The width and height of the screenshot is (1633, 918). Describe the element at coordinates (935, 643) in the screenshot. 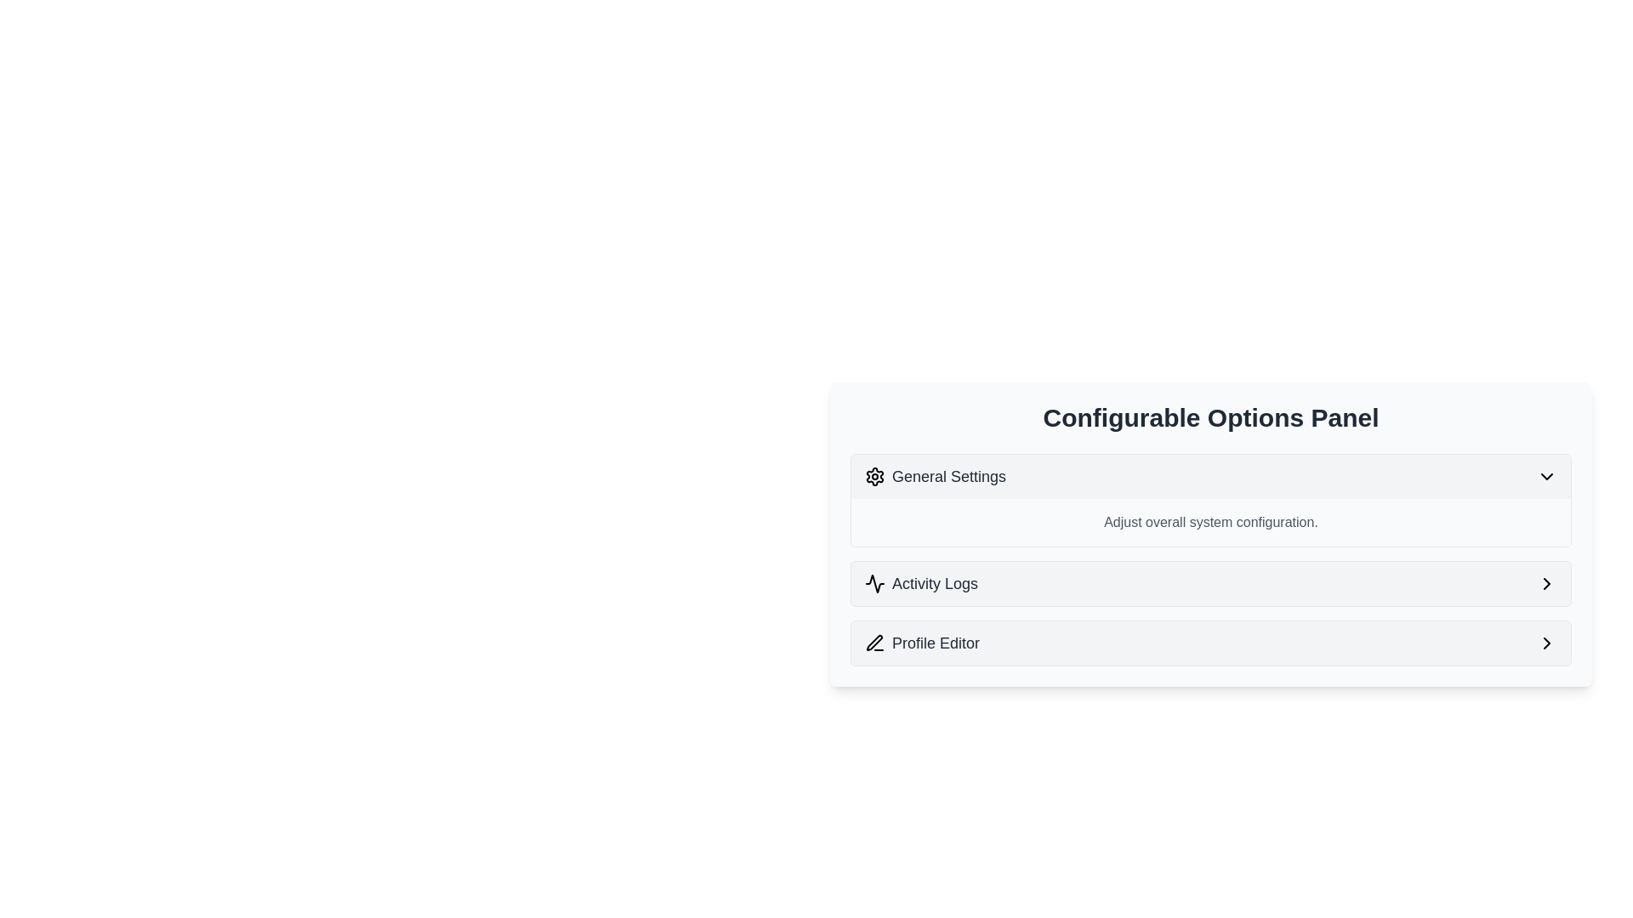

I see `the 'Profile Editor' text label, which is styled in gray and located to the right of a pen icon in the settings menu` at that location.